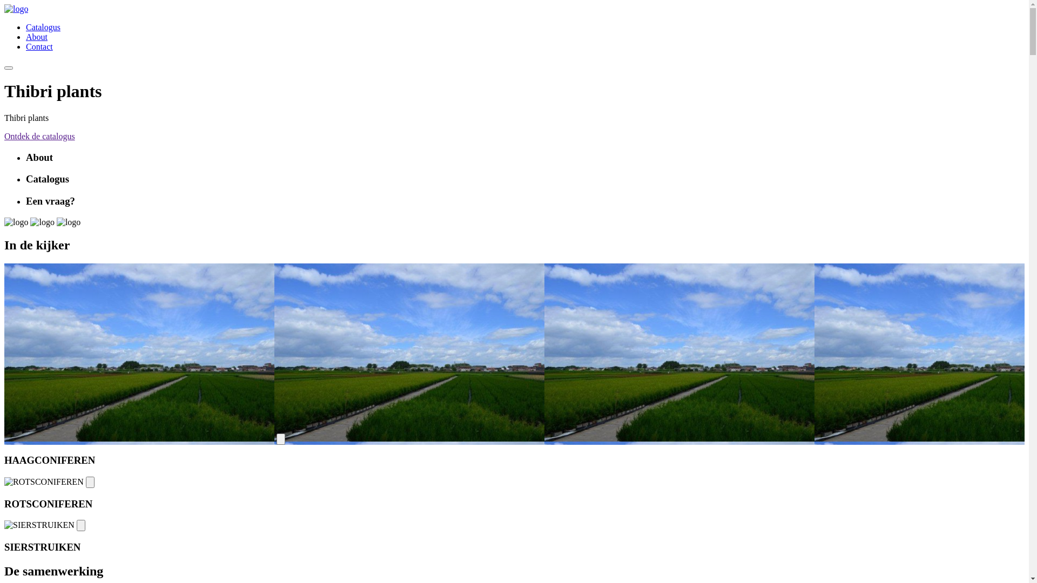  What do you see at coordinates (43, 482) in the screenshot?
I see `'ROTSCONIFEREN'` at bounding box center [43, 482].